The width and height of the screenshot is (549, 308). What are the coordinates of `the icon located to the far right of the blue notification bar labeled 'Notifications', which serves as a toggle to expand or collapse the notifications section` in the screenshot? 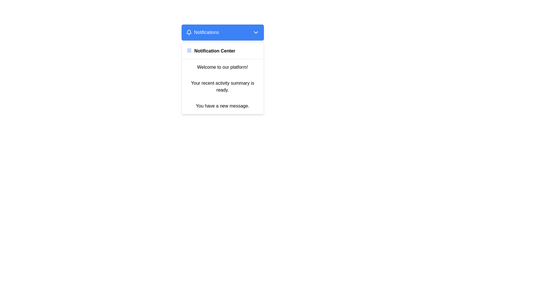 It's located at (255, 33).